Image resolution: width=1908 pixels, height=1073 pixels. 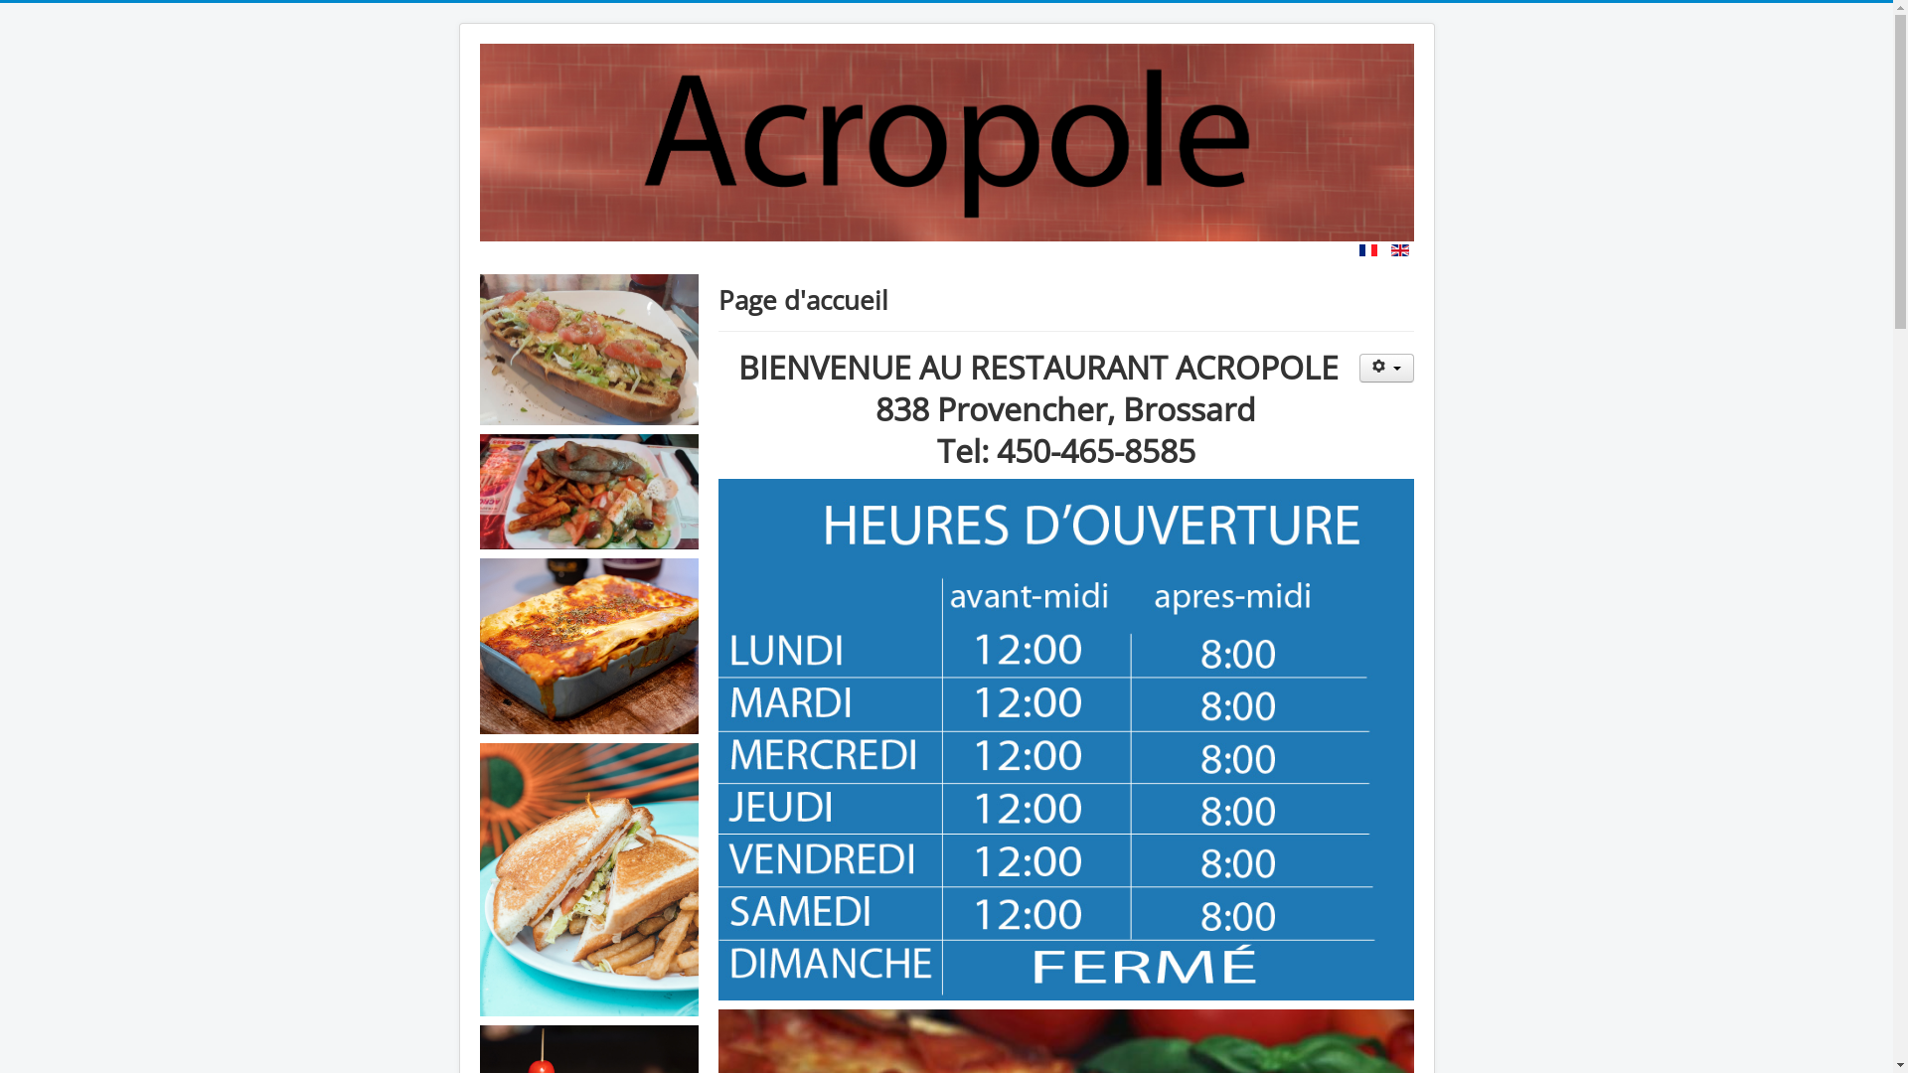 What do you see at coordinates (1390, 248) in the screenshot?
I see `'English (United Kingdom)'` at bounding box center [1390, 248].